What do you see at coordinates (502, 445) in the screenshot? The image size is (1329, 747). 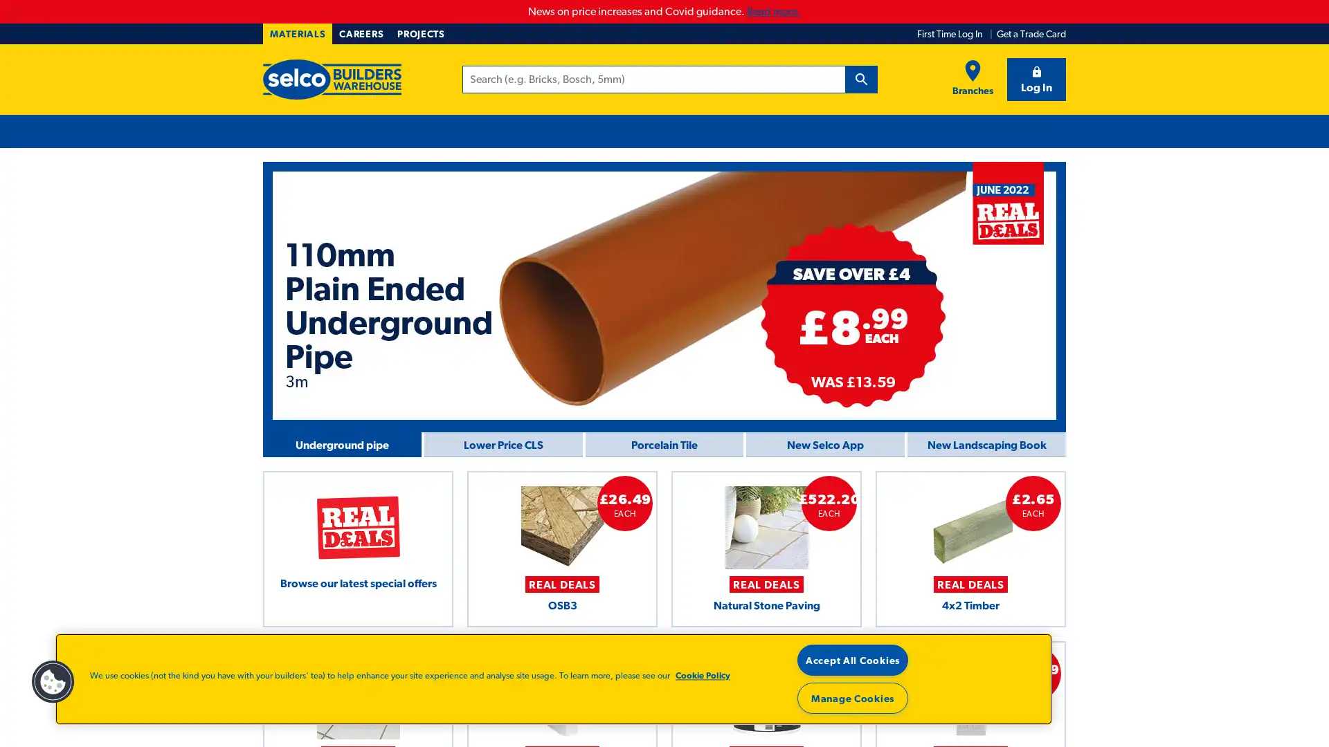 I see `Homepage > Carousel > June wk 4 CLS` at bounding box center [502, 445].